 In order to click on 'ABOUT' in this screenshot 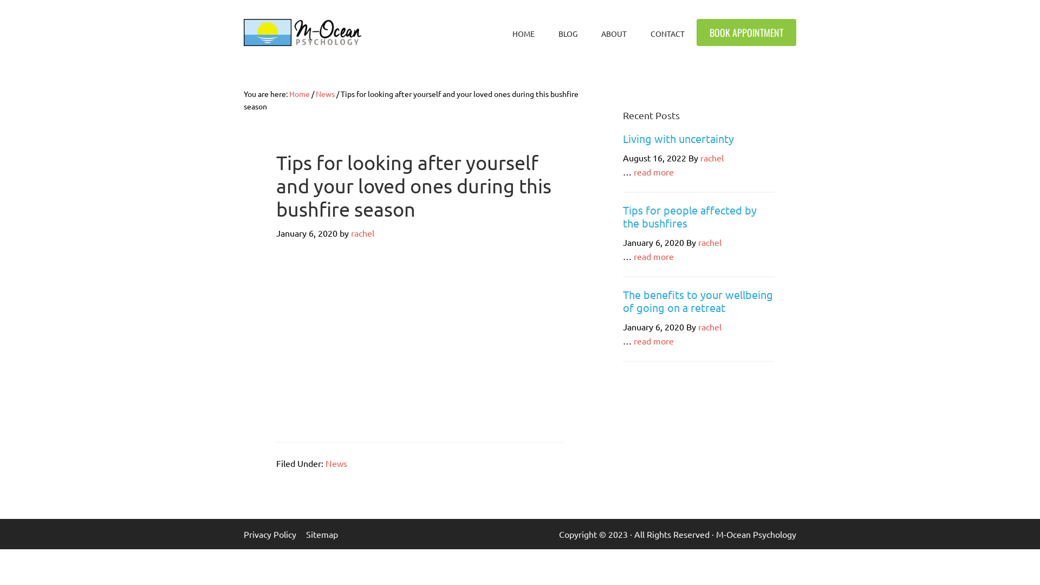, I will do `click(614, 32)`.